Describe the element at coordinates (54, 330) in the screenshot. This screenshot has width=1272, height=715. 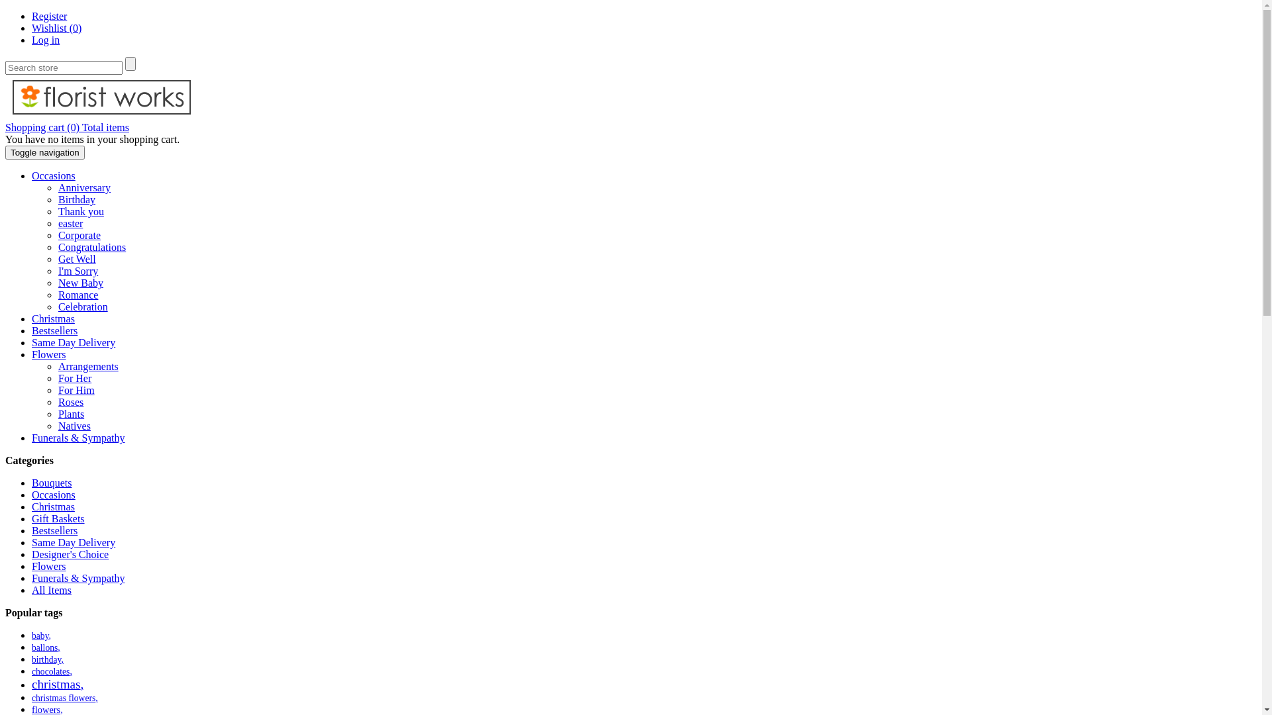
I see `'Bestsellers'` at that location.